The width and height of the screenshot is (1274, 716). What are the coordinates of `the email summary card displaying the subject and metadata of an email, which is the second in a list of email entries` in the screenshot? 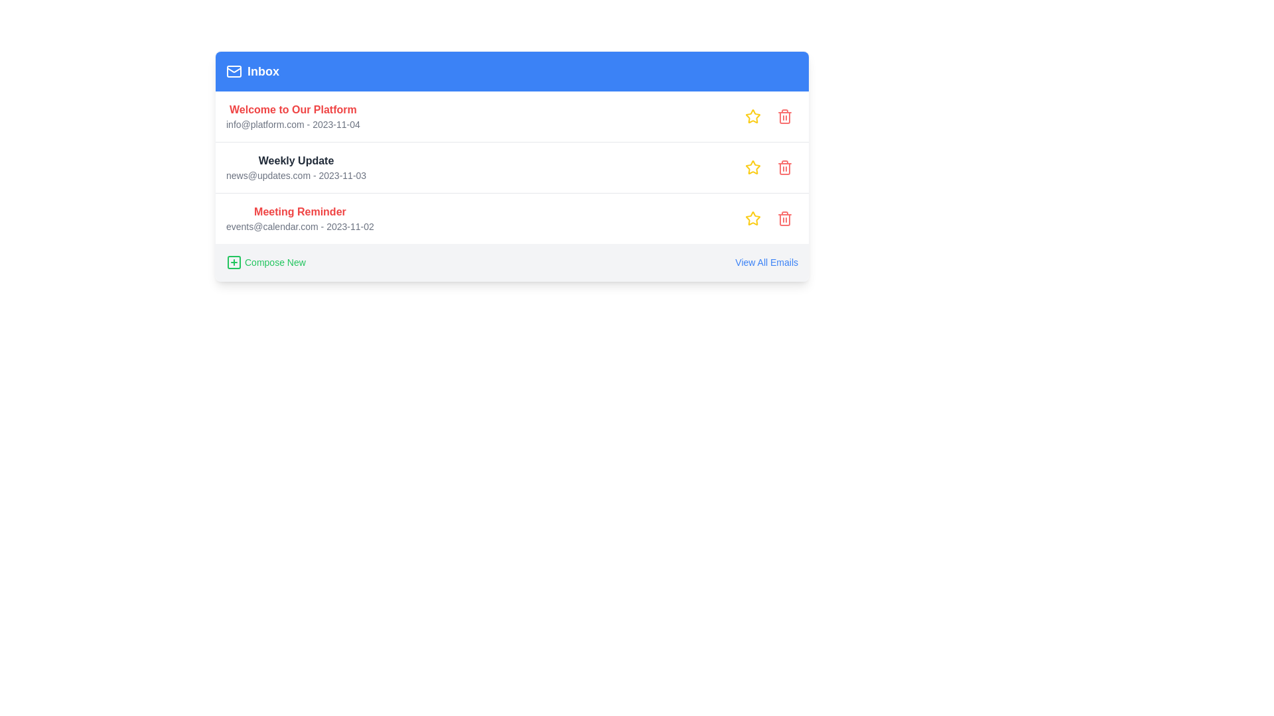 It's located at (295, 167).